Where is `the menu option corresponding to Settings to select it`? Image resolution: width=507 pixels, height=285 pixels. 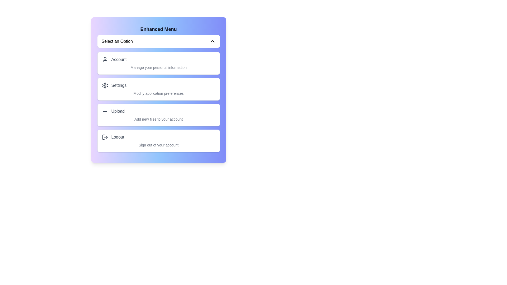
the menu option corresponding to Settings to select it is located at coordinates (158, 89).